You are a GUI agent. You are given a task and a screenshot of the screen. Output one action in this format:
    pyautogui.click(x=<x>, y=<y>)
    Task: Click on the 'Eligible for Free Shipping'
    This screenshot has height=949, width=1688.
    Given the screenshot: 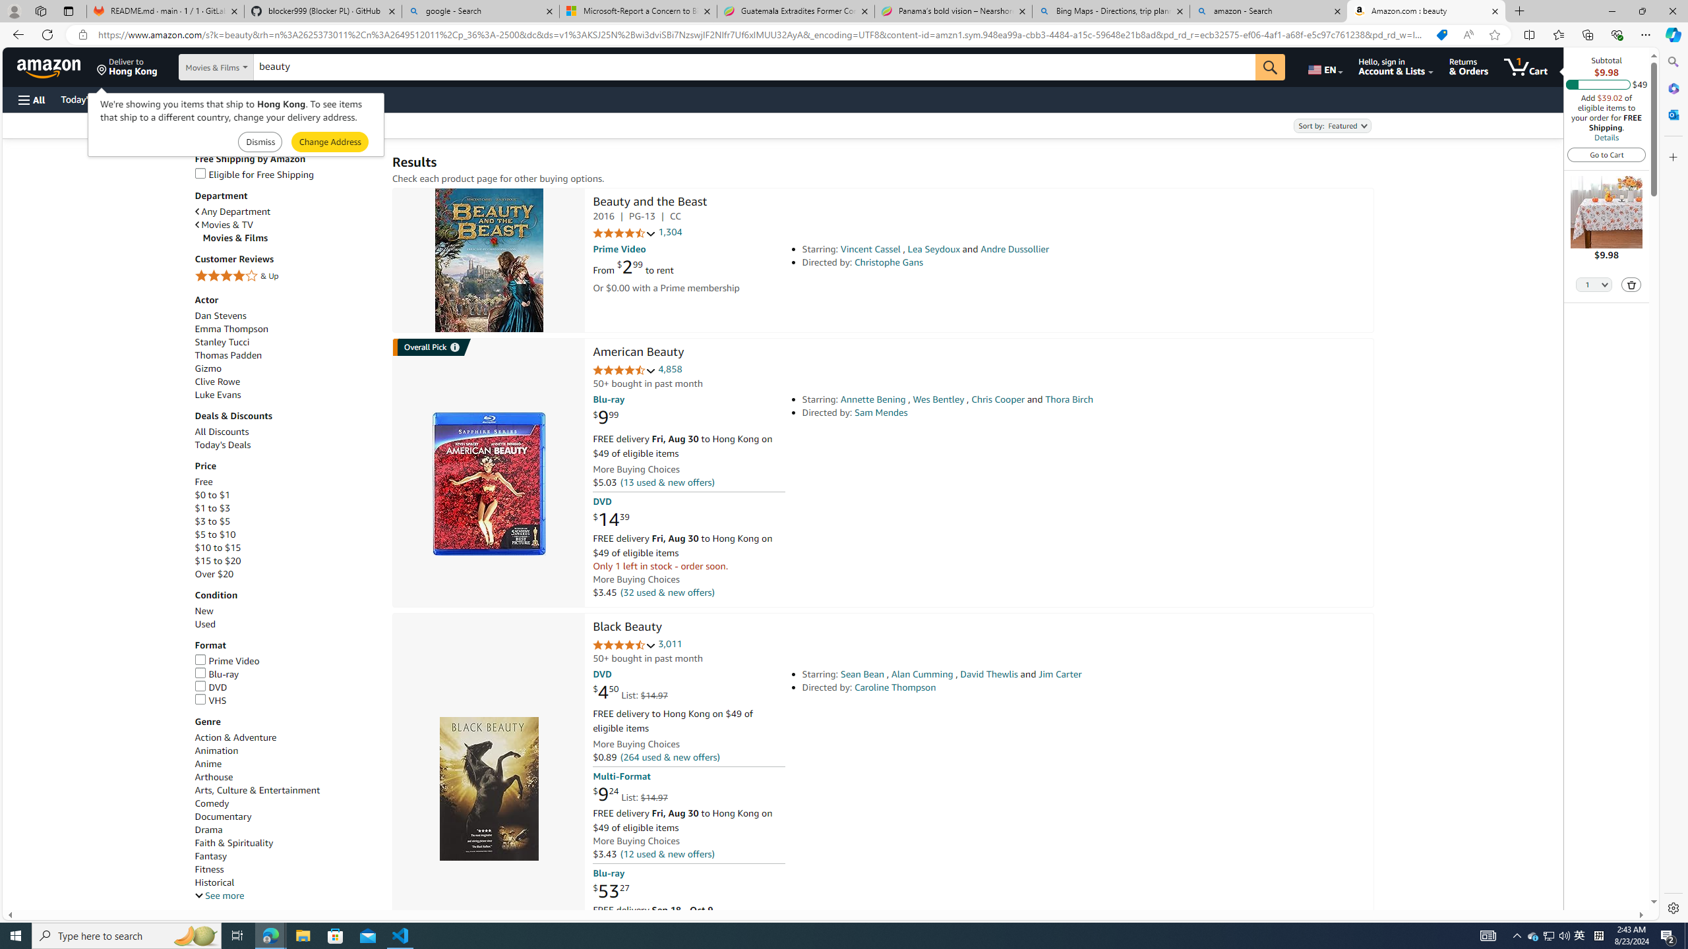 What is the action you would take?
    pyautogui.click(x=253, y=174)
    